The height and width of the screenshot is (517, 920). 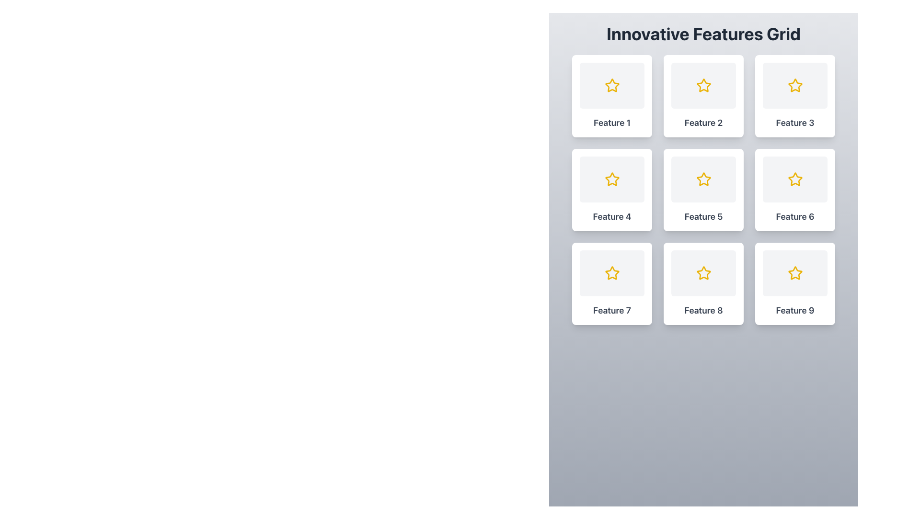 What do you see at coordinates (611, 310) in the screenshot?
I see `the static text label displaying 'Feature 7', which is styled with a bold, dark gray font and located at the bottom of the first card in a 3x3 grid layout` at bounding box center [611, 310].